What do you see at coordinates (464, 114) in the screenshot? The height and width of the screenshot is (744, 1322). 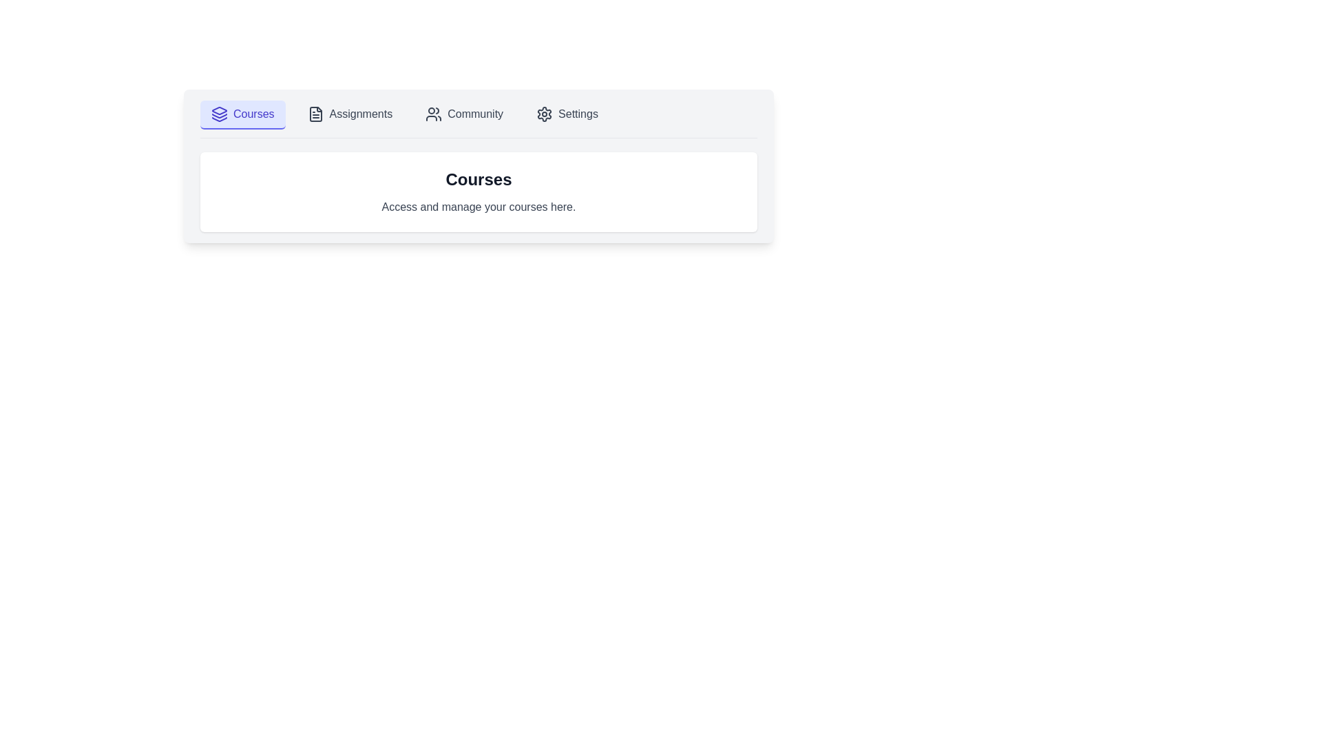 I see `the 'Community' button, which is a light-themed horizontal button with a user icon and the text 'Community'` at bounding box center [464, 114].